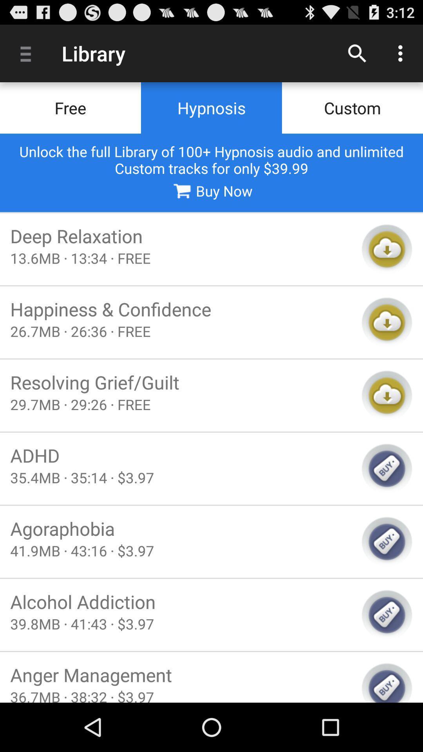 The image size is (423, 752). Describe the element at coordinates (181, 309) in the screenshot. I see `the item below 13 6mb 13` at that location.